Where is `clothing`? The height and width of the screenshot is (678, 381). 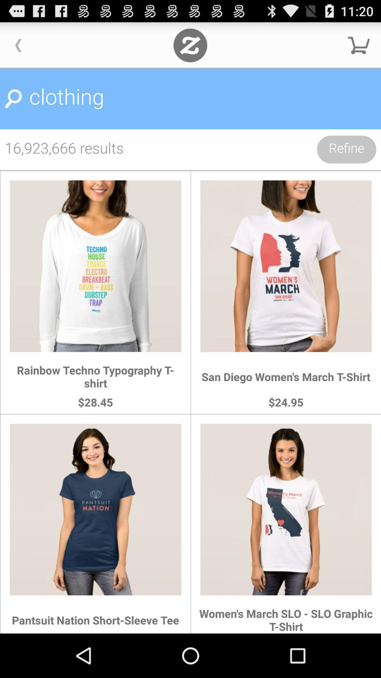
clothing is located at coordinates (190, 99).